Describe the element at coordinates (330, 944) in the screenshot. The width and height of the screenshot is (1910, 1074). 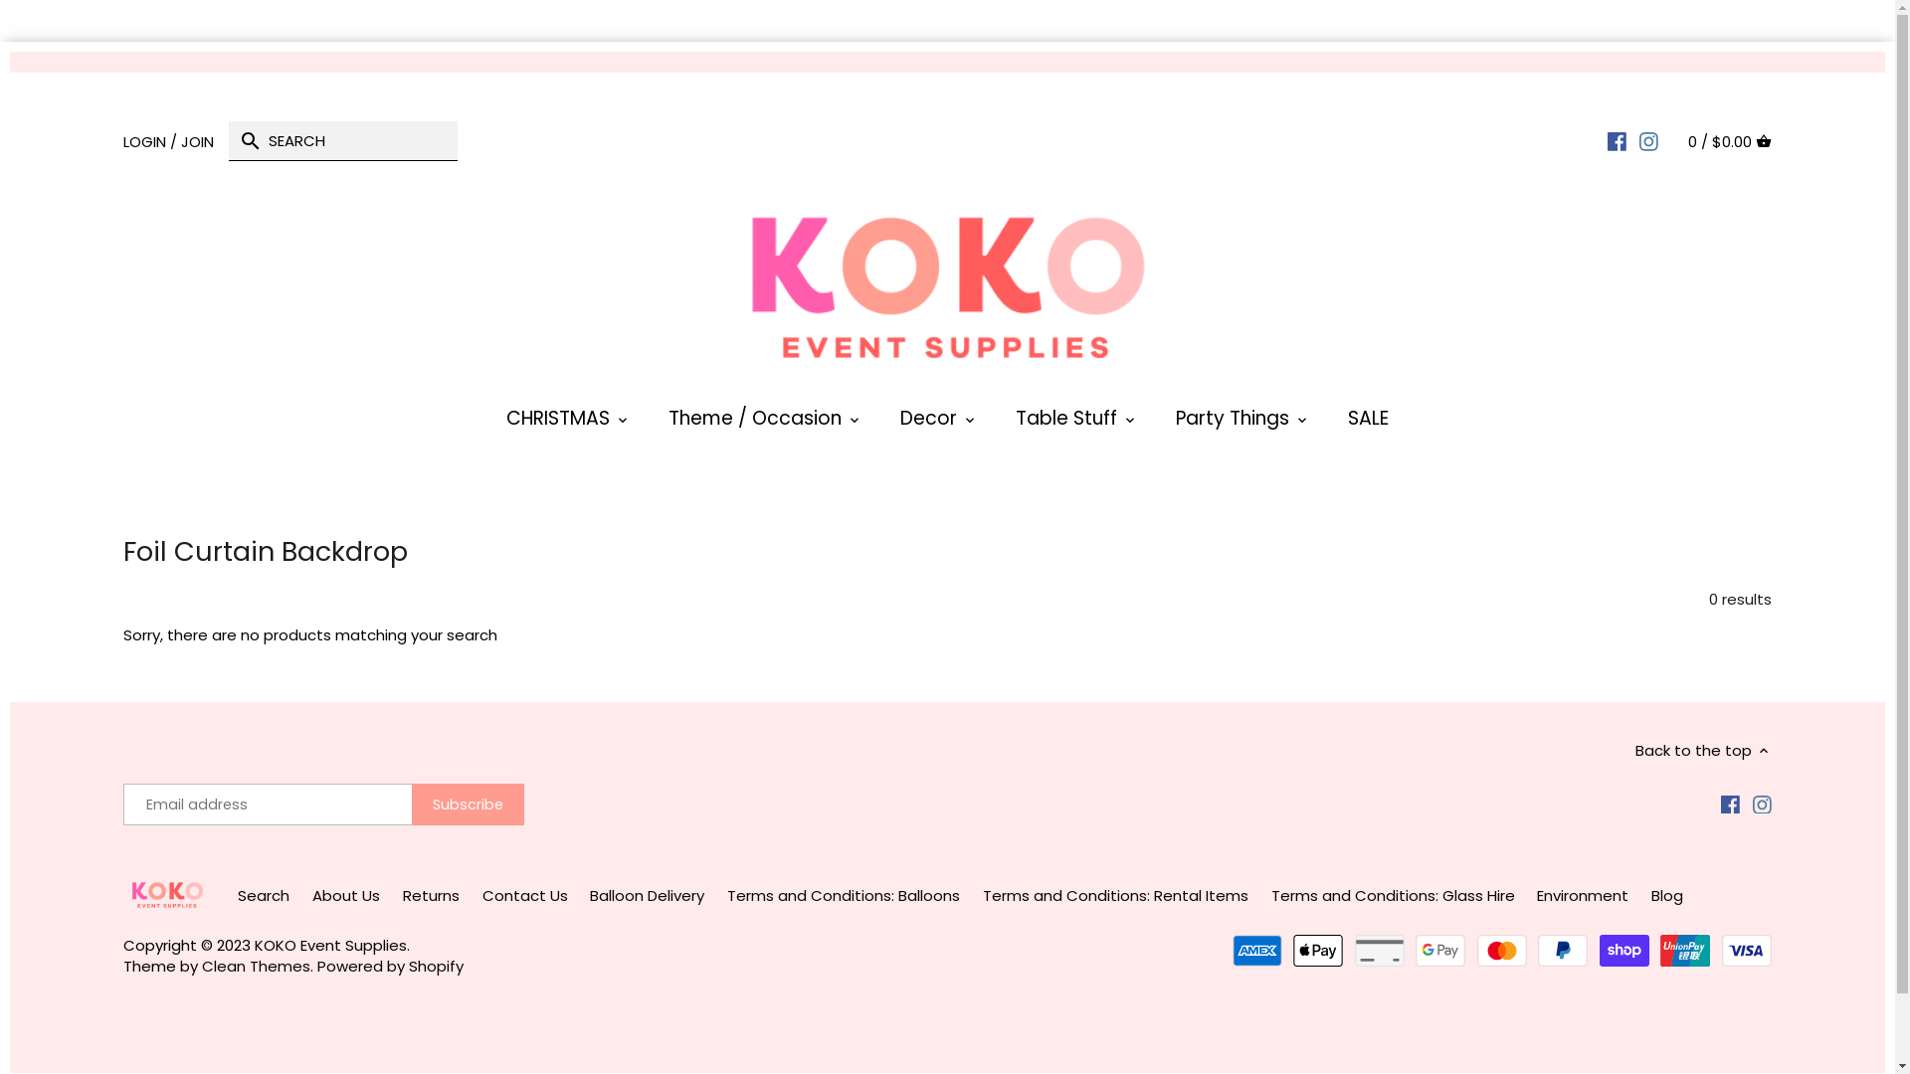
I see `'KOKO Event Supplies'` at that location.